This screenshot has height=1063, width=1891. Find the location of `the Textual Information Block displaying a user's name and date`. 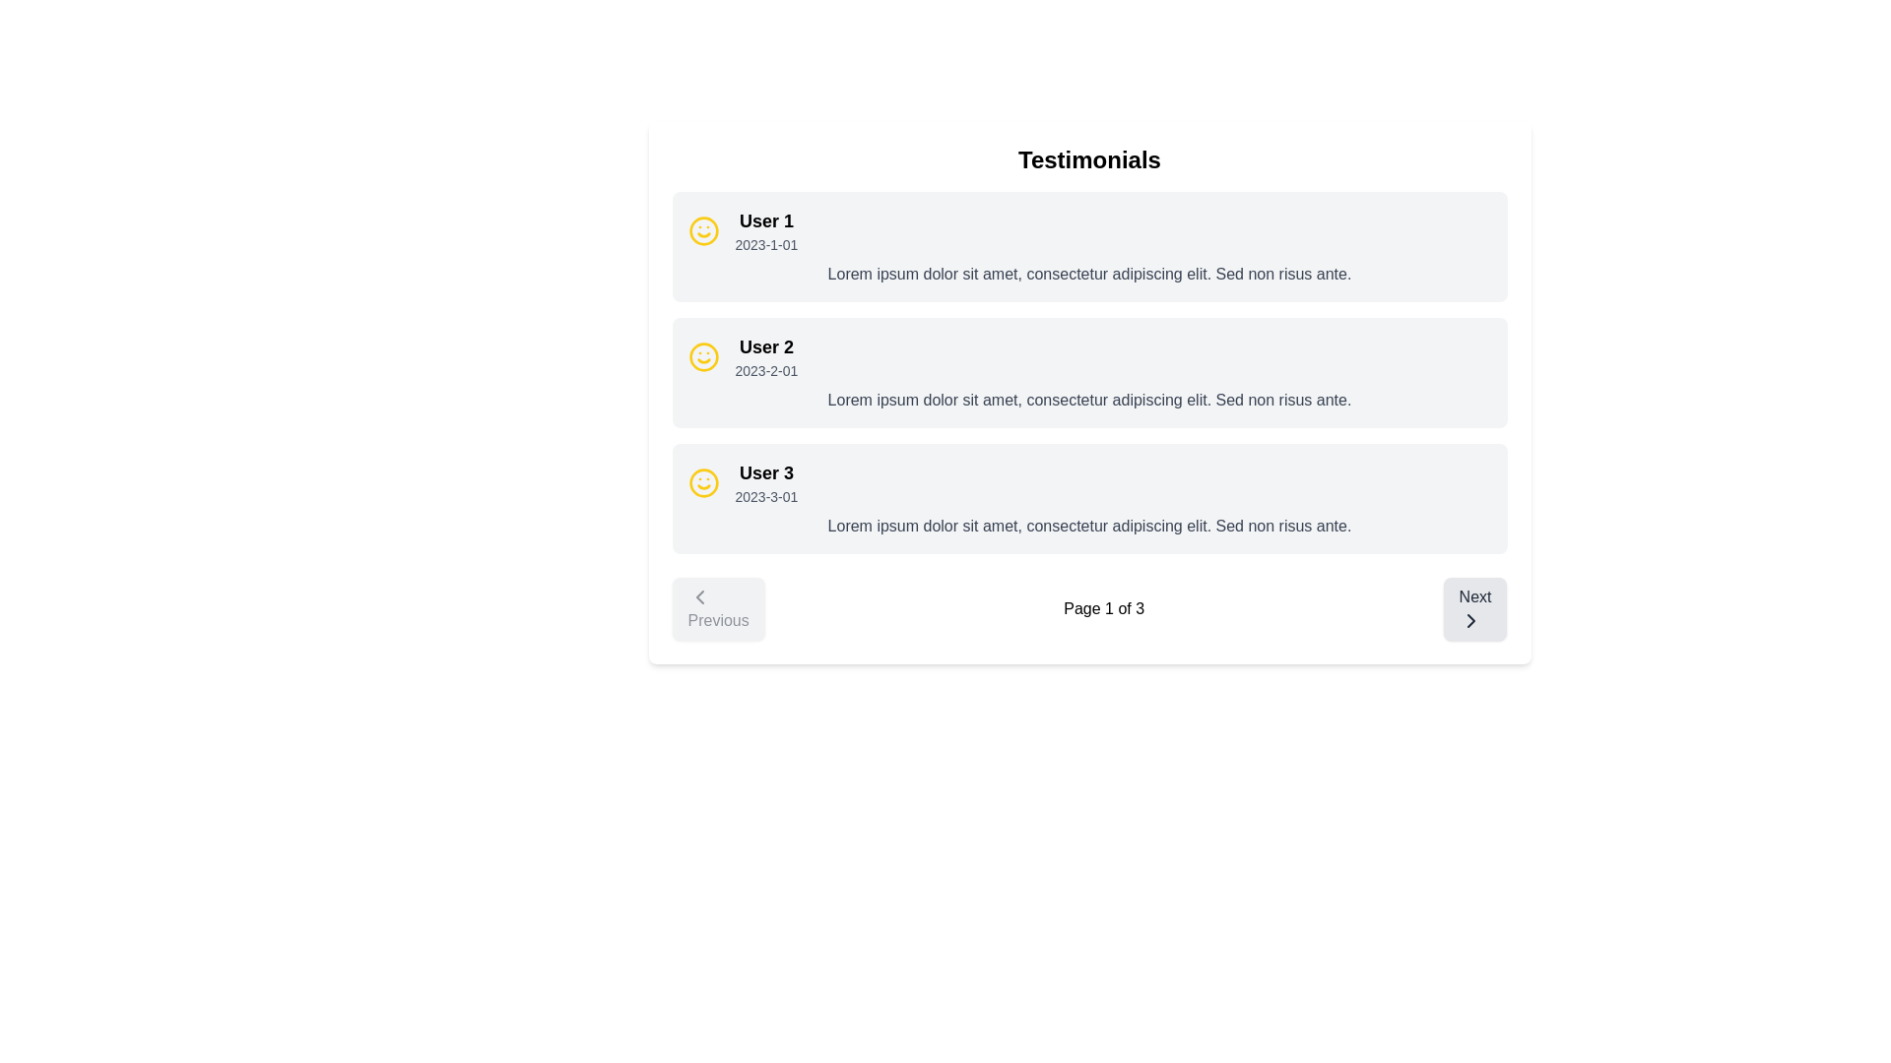

the Textual Information Block displaying a user's name and date is located at coordinates (765, 482).